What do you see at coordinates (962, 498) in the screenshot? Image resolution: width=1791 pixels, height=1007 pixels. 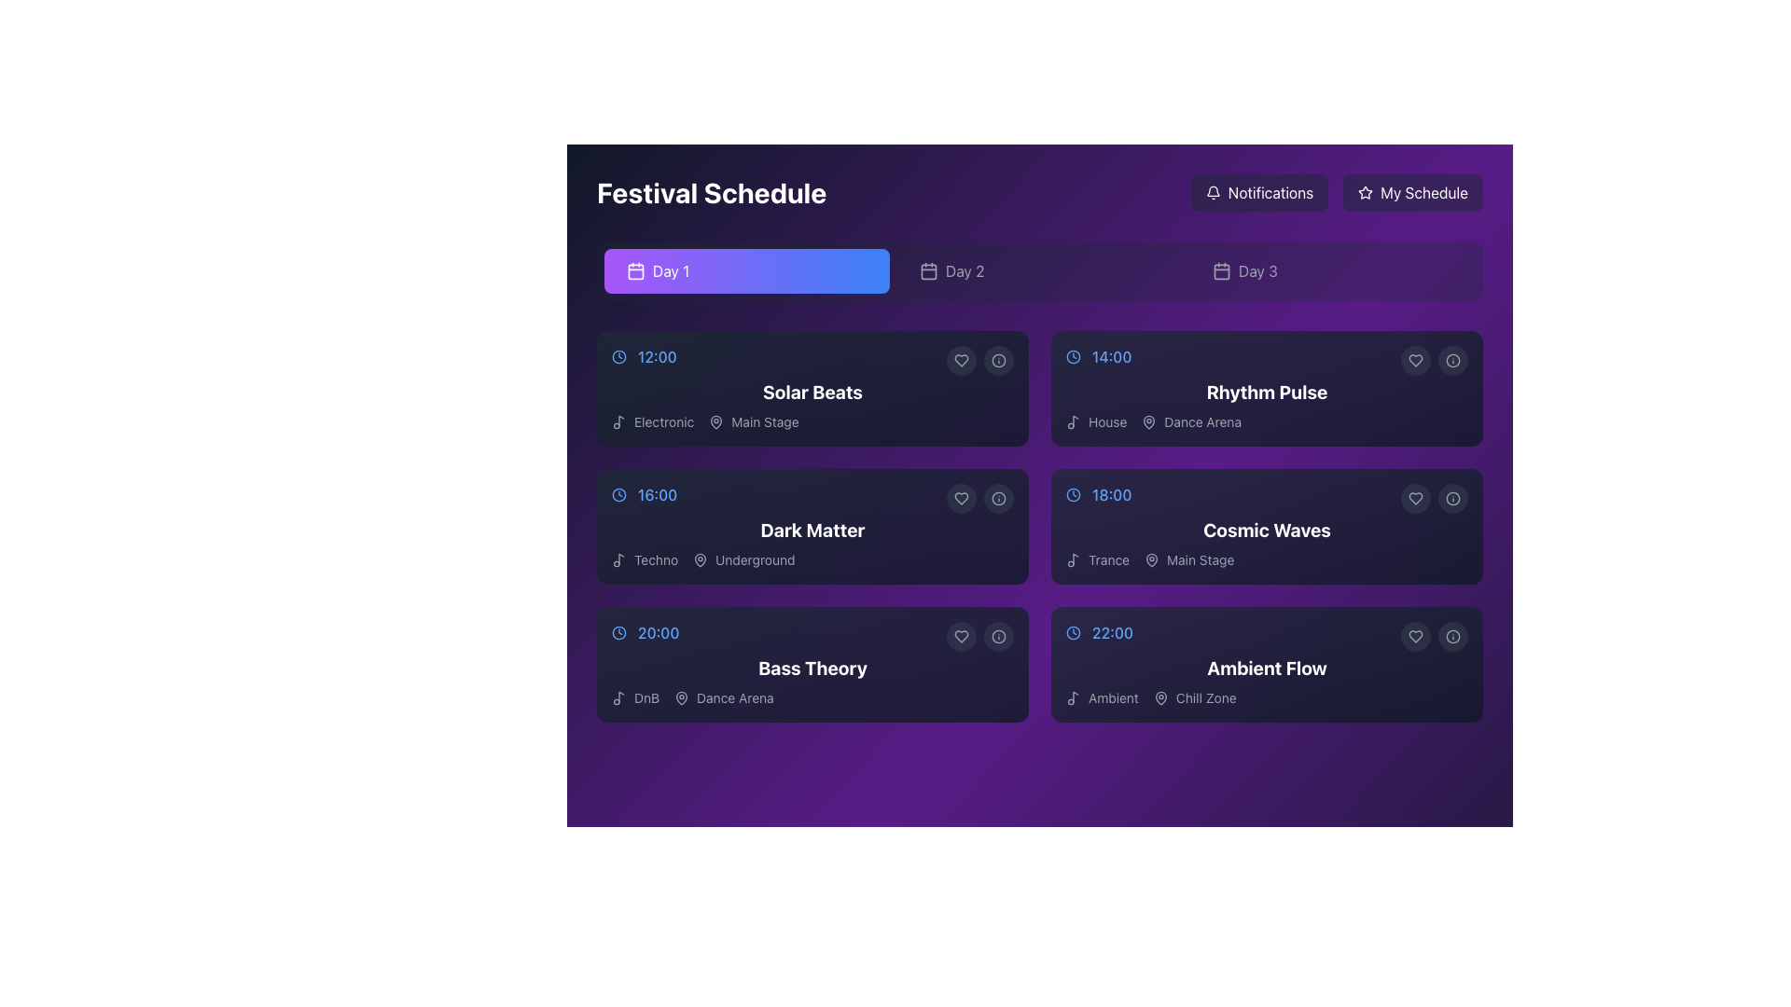 I see `the circular button with a semi-transparent gray background and a white heart icon located in the 'Dark Matter' schedule block` at bounding box center [962, 498].